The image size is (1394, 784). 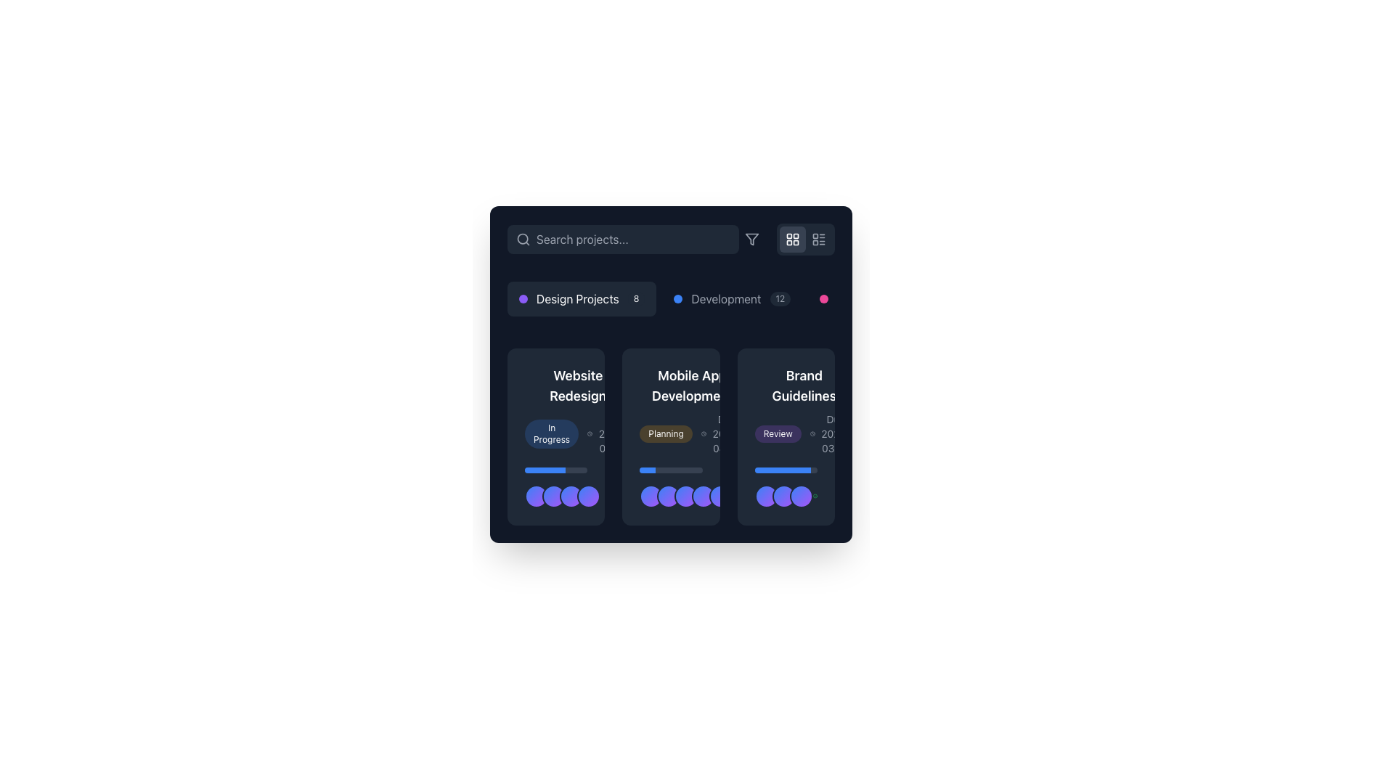 What do you see at coordinates (836, 433) in the screenshot?
I see `the static text label displaying 'Due 2024-03-10' located in the bottom-right corner of the 'Brand Guidelines' card` at bounding box center [836, 433].